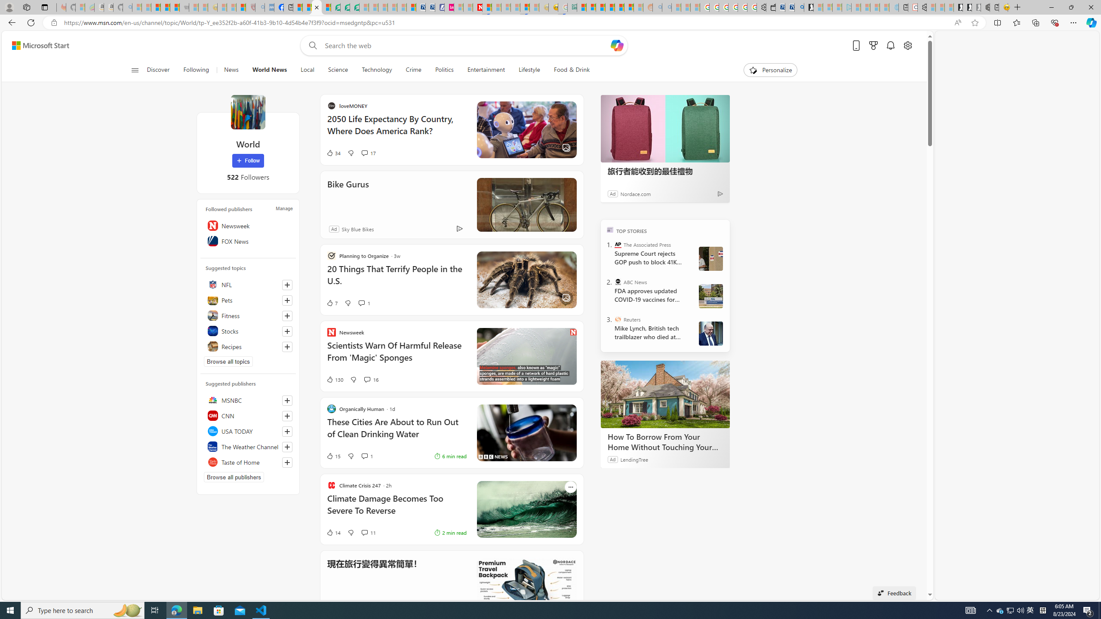 The image size is (1101, 619). What do you see at coordinates (247, 346) in the screenshot?
I see `'Recipes'` at bounding box center [247, 346].